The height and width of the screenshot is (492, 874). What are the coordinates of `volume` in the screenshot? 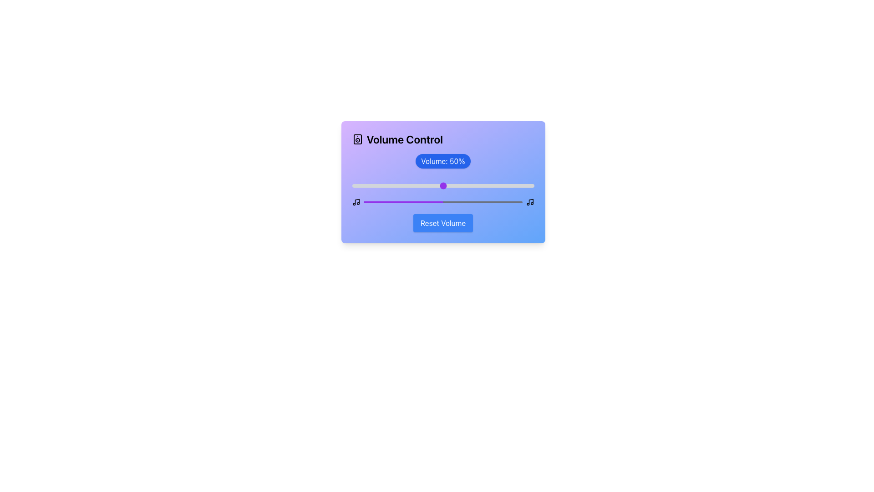 It's located at (486, 185).